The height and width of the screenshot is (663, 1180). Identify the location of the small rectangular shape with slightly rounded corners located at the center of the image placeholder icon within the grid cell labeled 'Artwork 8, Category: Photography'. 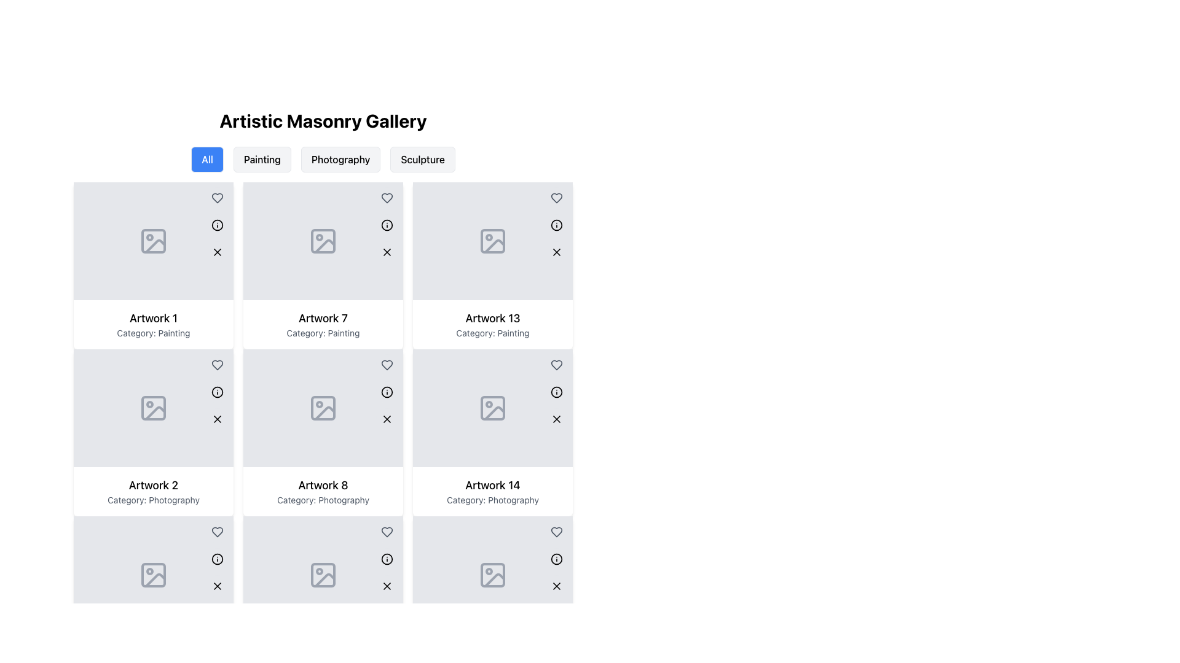
(323, 575).